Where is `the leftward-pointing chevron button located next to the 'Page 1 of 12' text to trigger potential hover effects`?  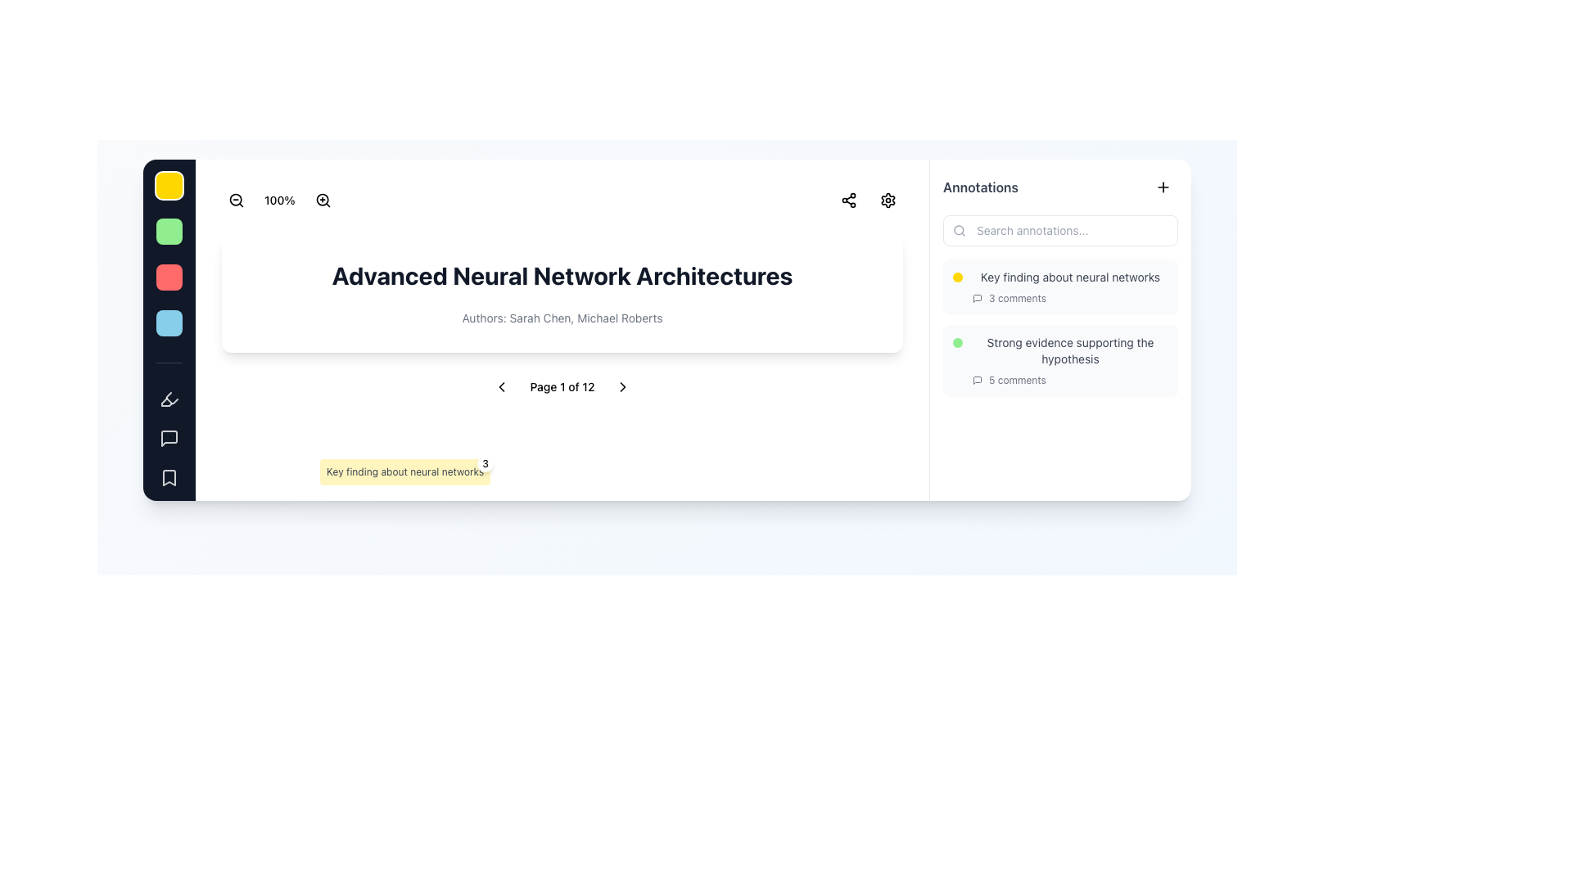 the leftward-pointing chevron button located next to the 'Page 1 of 12' text to trigger potential hover effects is located at coordinates (501, 387).